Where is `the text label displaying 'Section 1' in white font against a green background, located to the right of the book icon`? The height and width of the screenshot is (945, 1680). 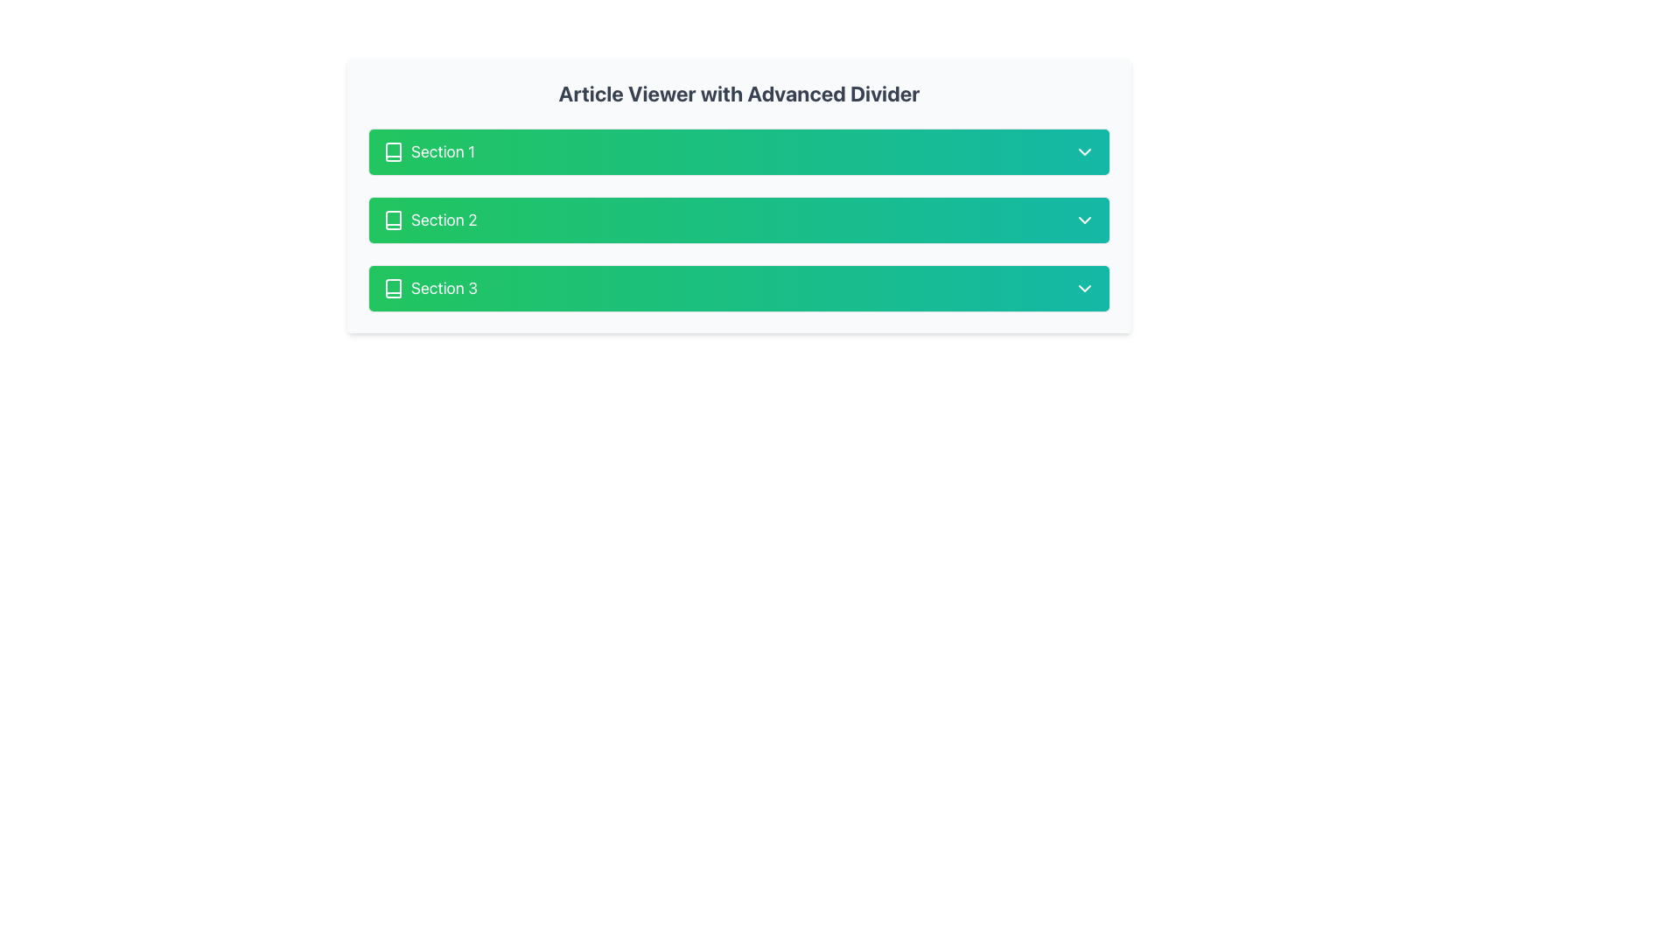 the text label displaying 'Section 1' in white font against a green background, located to the right of the book icon is located at coordinates (443, 150).